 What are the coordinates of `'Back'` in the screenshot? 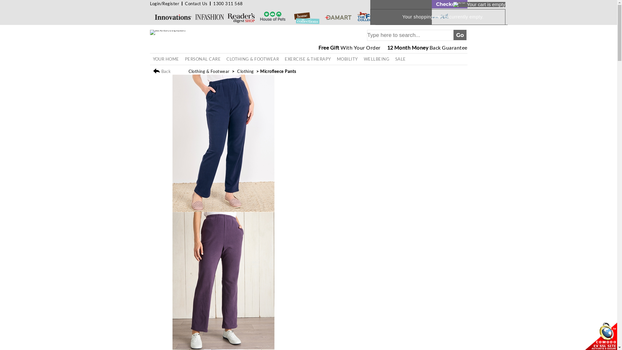 It's located at (152, 71).